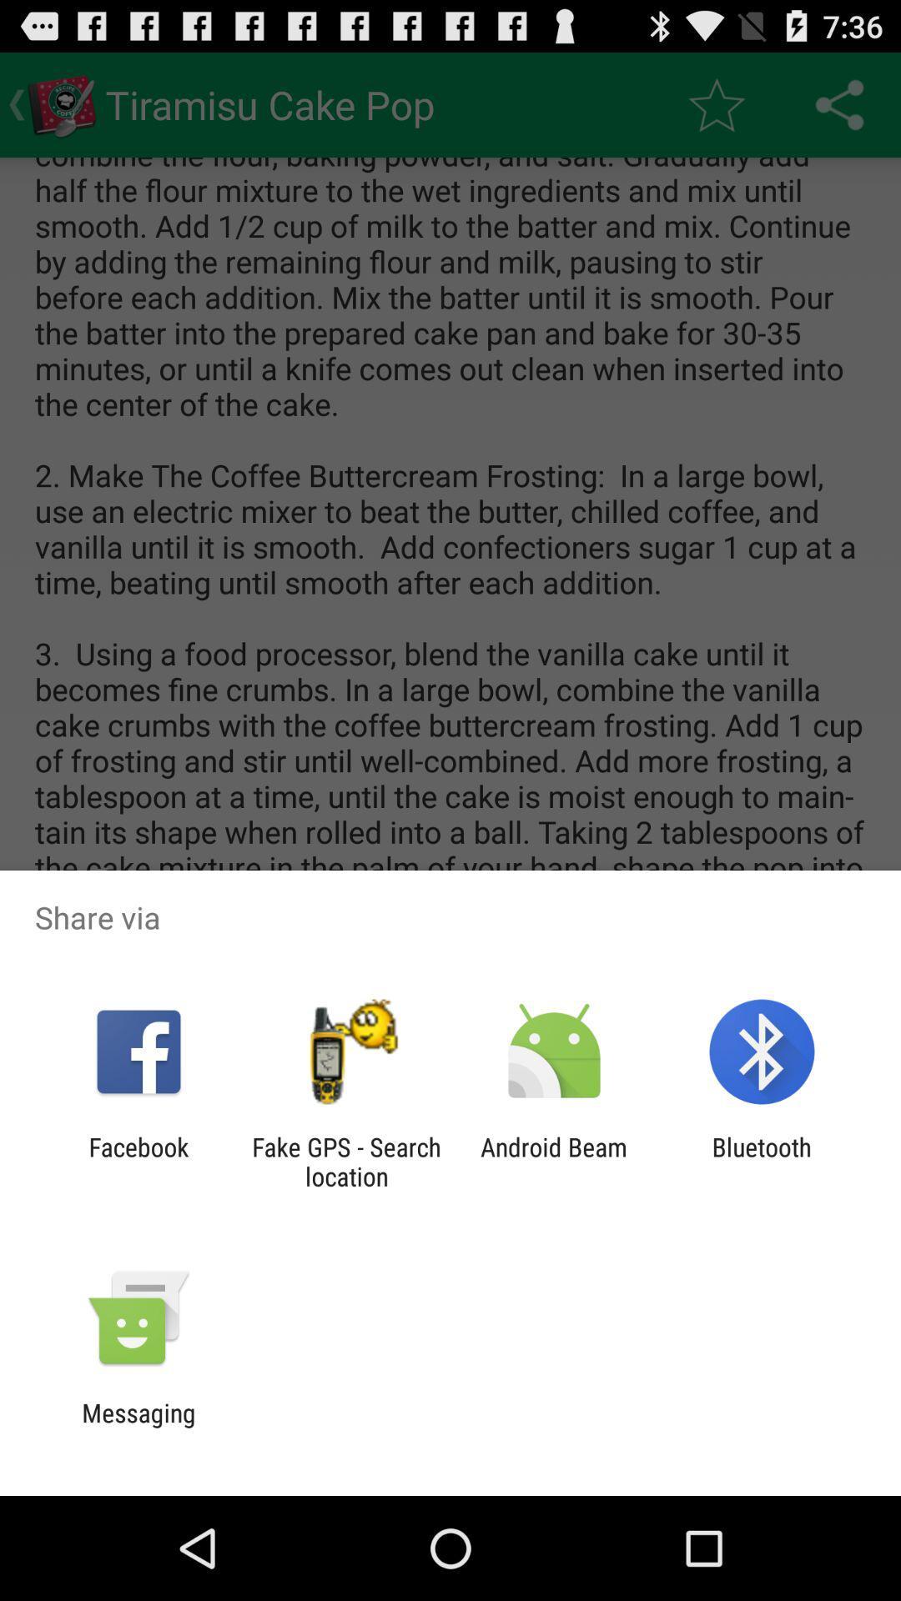 The height and width of the screenshot is (1601, 901). What do you see at coordinates (345, 1161) in the screenshot?
I see `item next to android beam icon` at bounding box center [345, 1161].